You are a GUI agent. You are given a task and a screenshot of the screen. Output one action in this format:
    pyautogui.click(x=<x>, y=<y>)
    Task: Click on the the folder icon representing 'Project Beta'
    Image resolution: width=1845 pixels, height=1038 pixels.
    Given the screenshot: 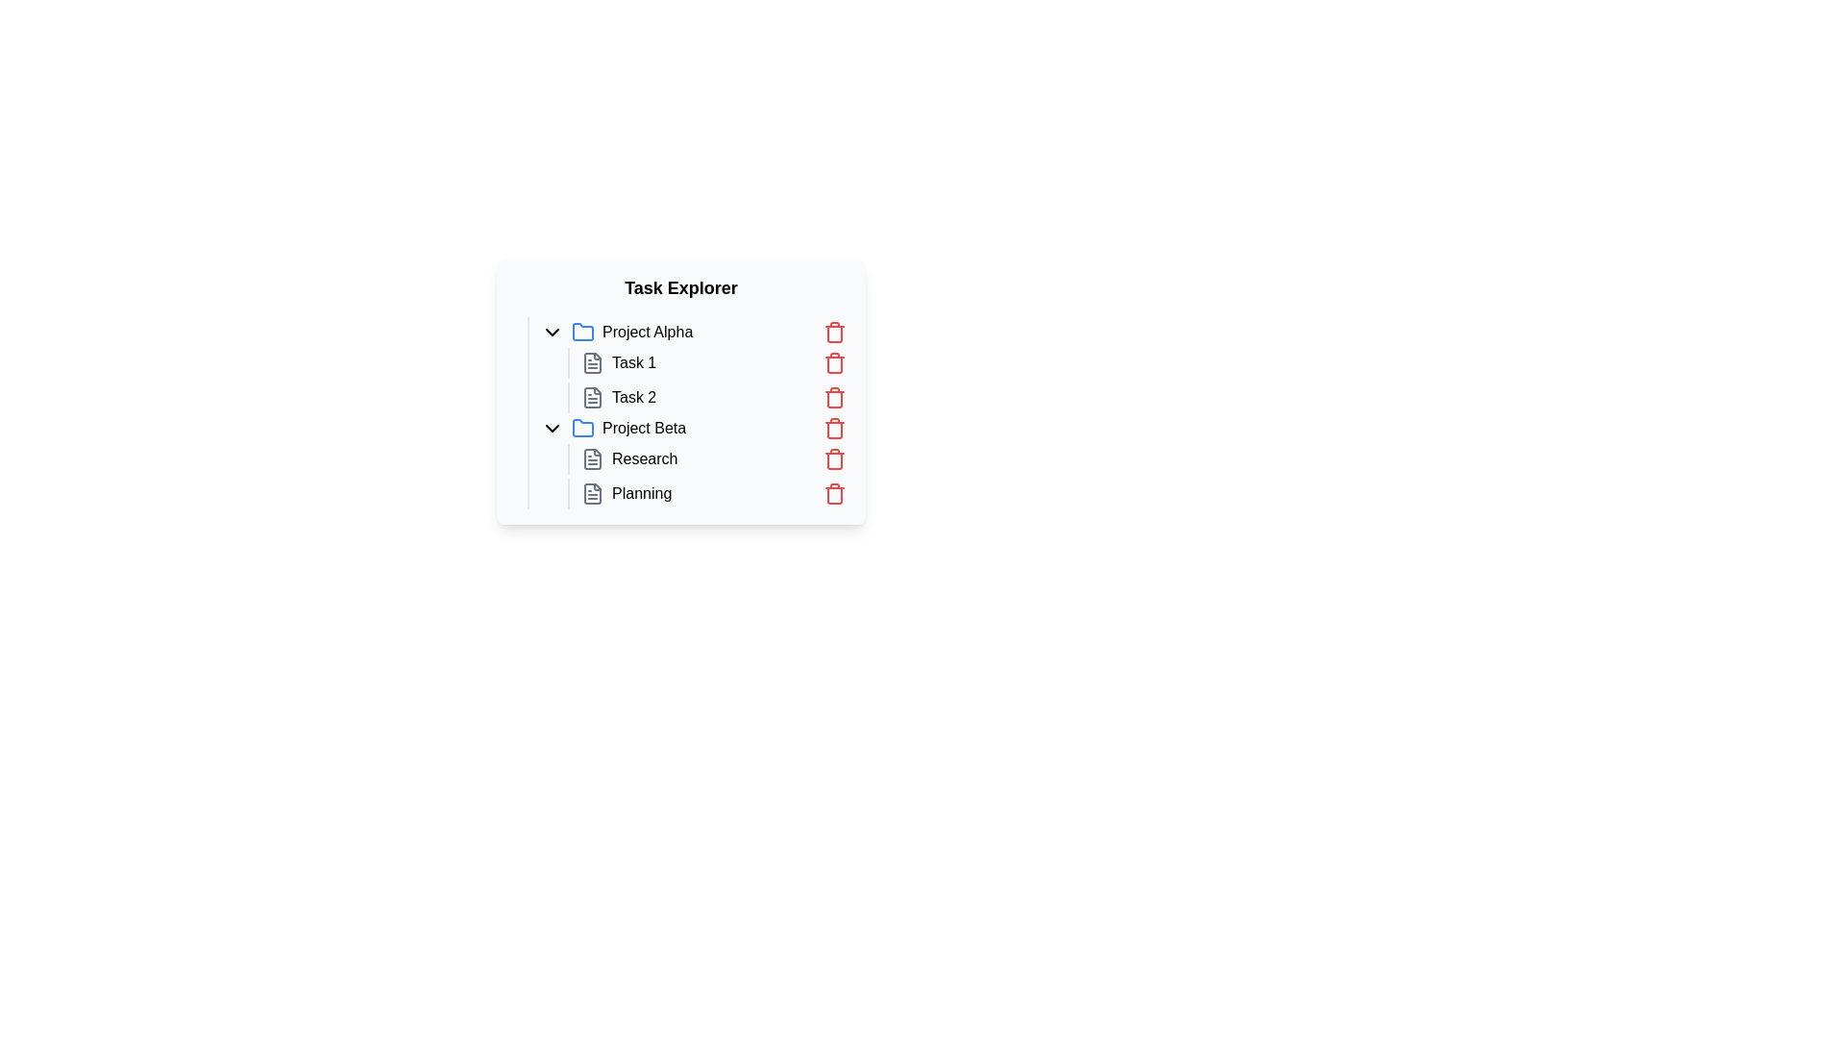 What is the action you would take?
    pyautogui.click(x=581, y=427)
    